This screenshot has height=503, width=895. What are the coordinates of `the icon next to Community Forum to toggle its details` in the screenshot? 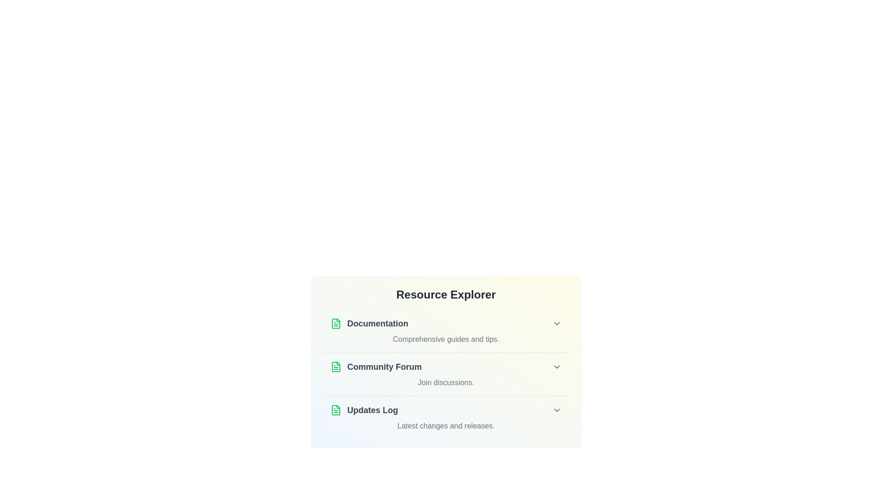 It's located at (336, 366).